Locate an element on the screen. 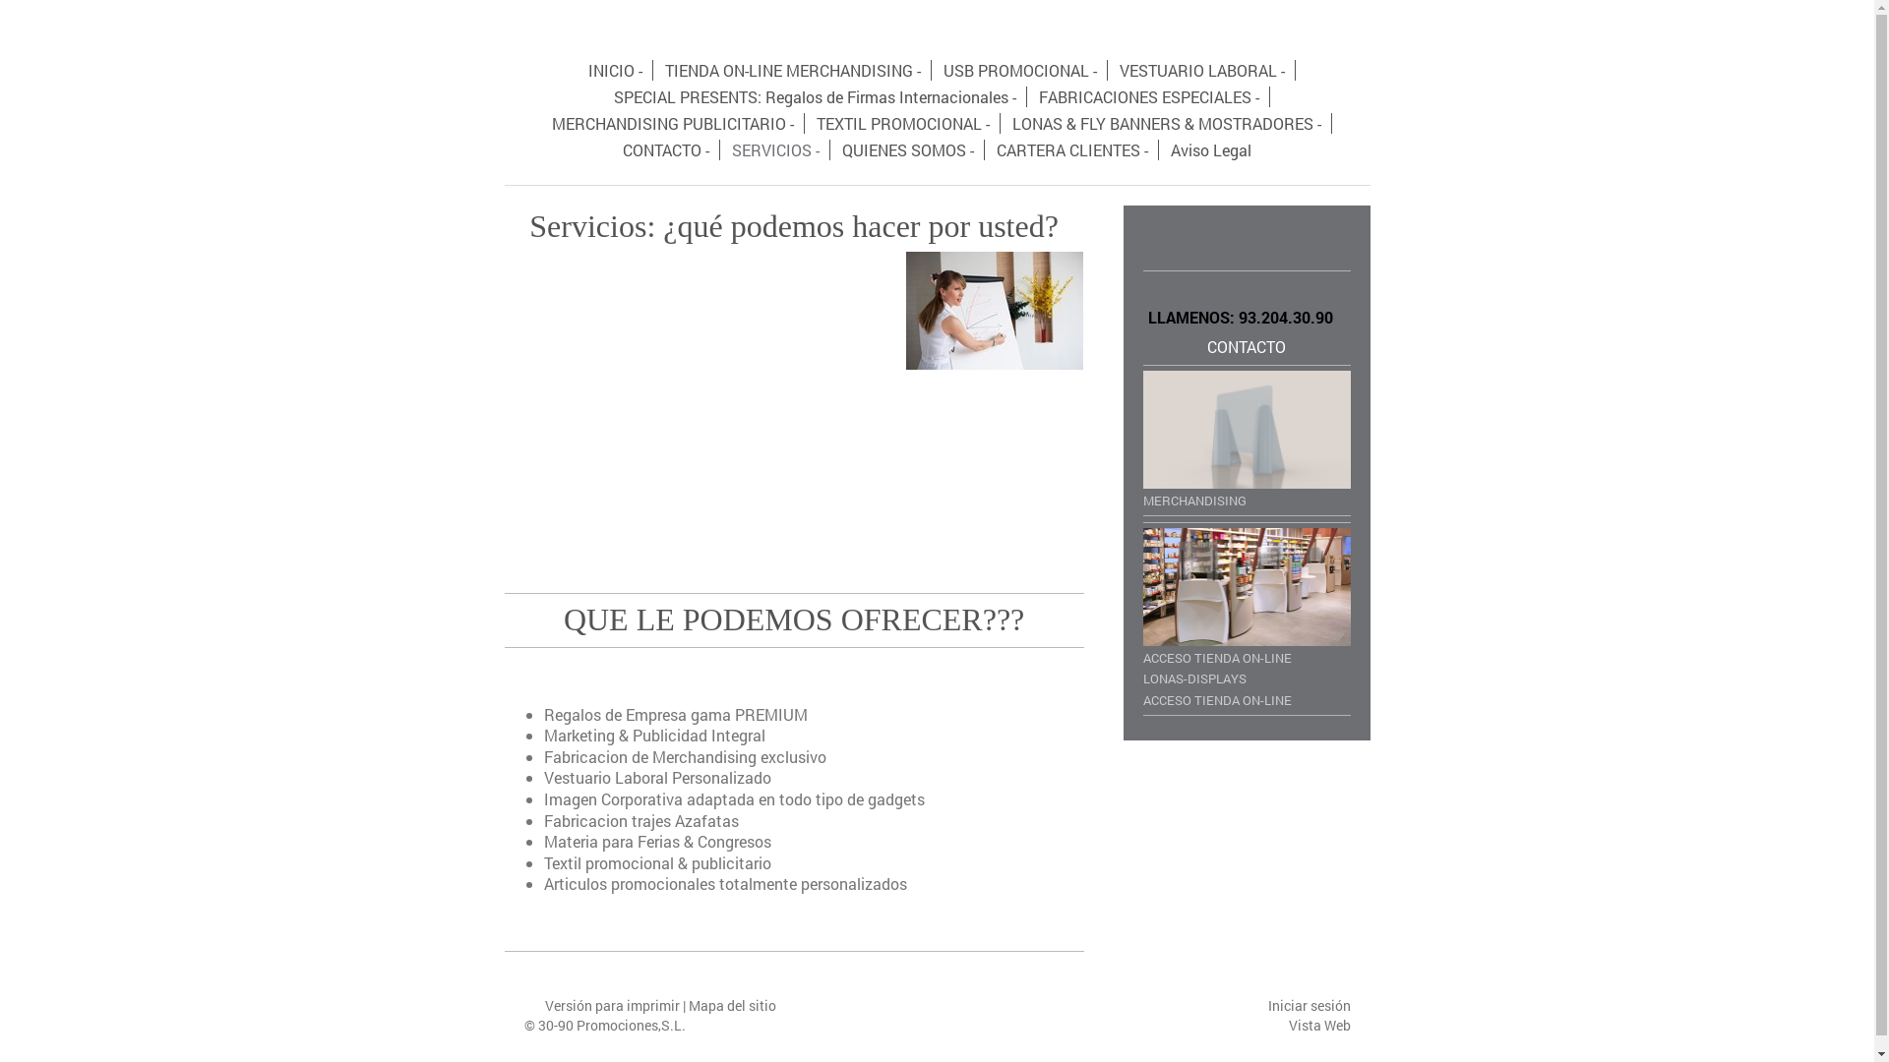 Image resolution: width=1889 pixels, height=1062 pixels. 'VESTUARIO LABORAL -' is located at coordinates (1110, 69).